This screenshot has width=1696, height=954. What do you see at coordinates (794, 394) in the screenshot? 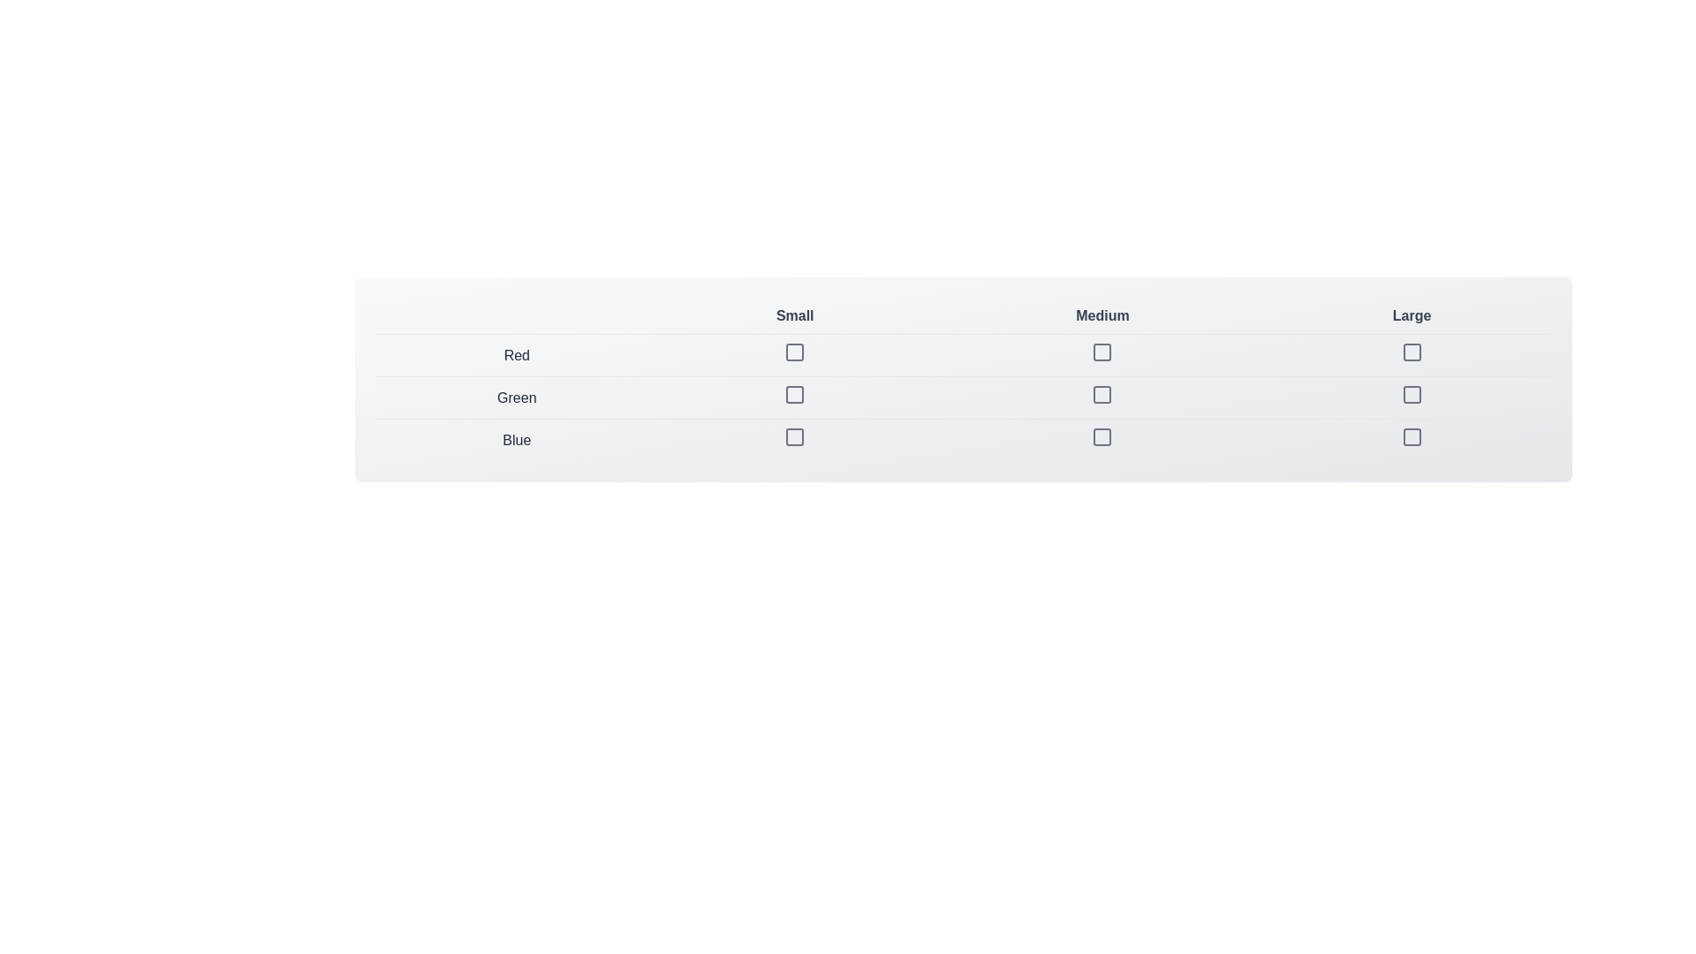
I see `the checkbox located in the 'Green' row and 'Small' column` at bounding box center [794, 394].